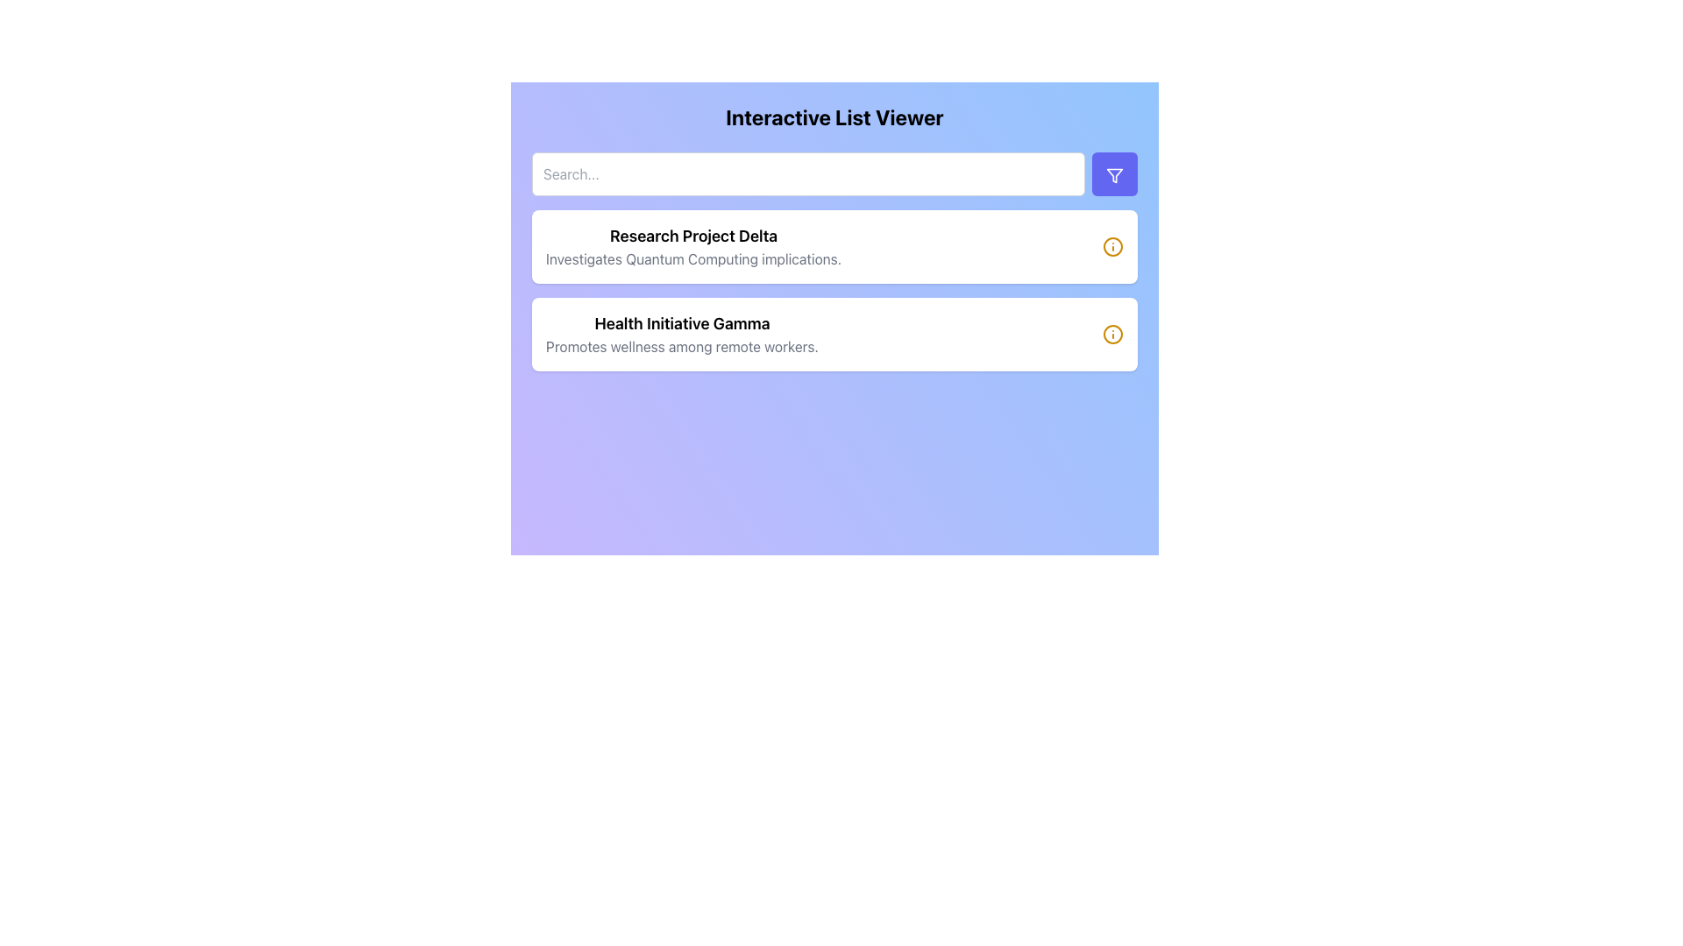  What do you see at coordinates (834, 127) in the screenshot?
I see `the header element titled 'What this Text' located at the top of the interface, which describes the purpose of the interactive list viewer` at bounding box center [834, 127].